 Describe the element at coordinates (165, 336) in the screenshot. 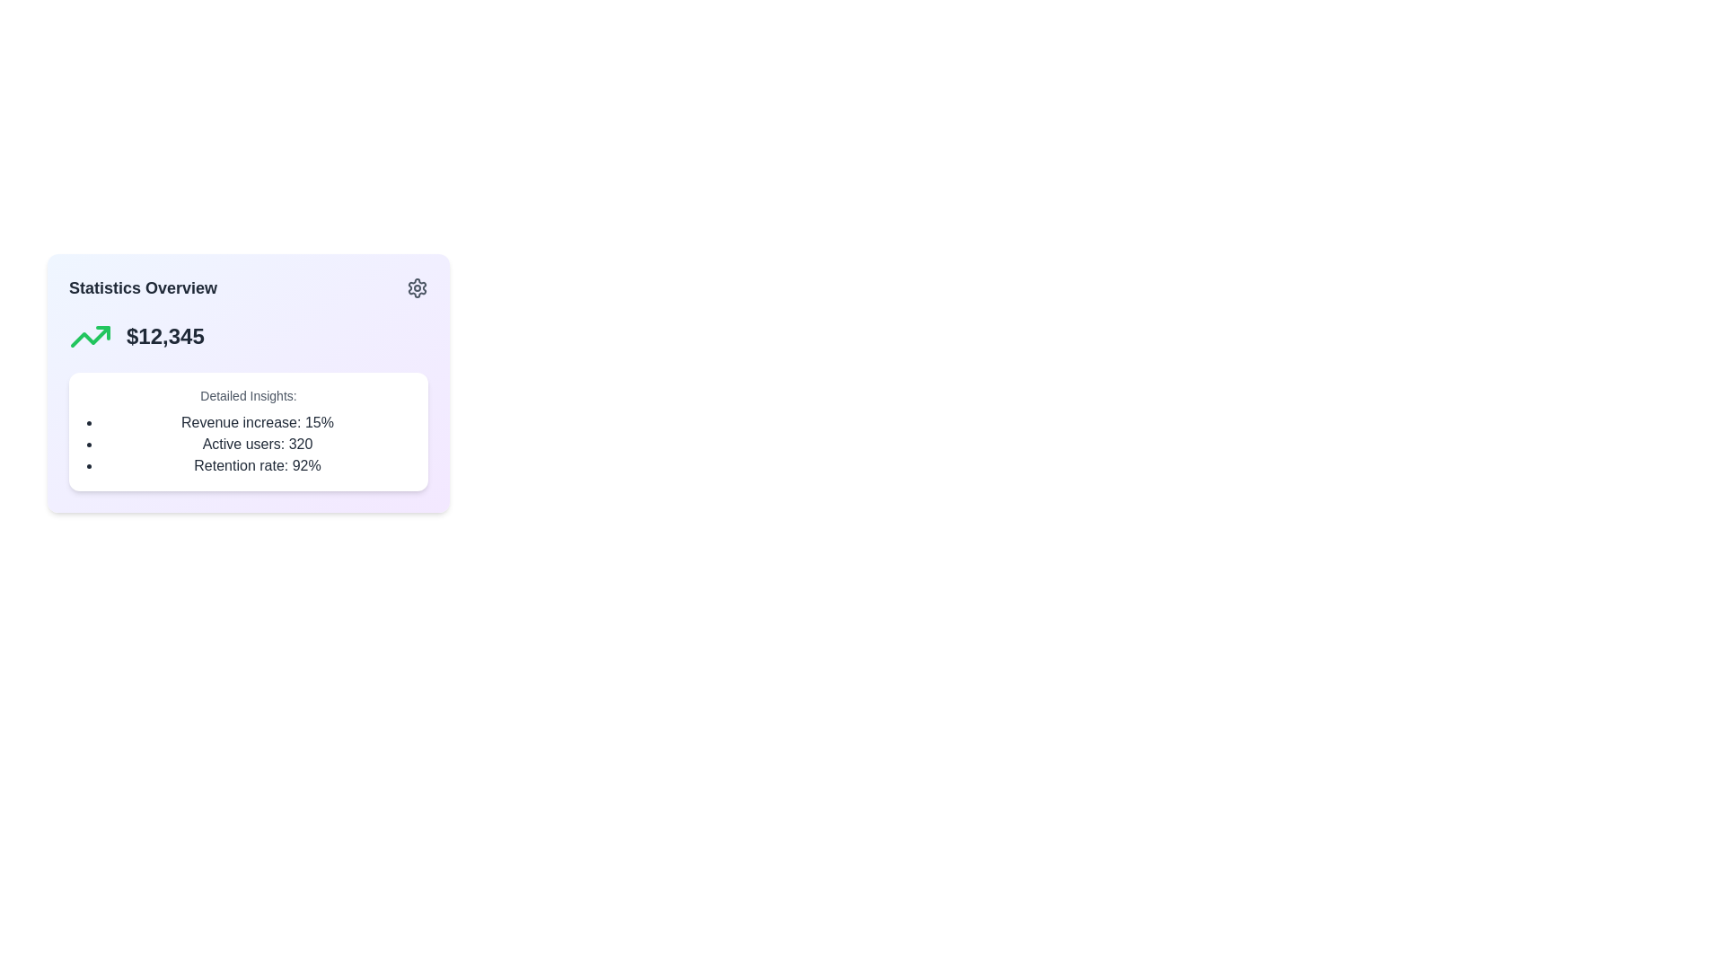

I see `the bold text displaying the amount '$12,345' in dark-gray color within the 'Statistics Overview' section` at that location.